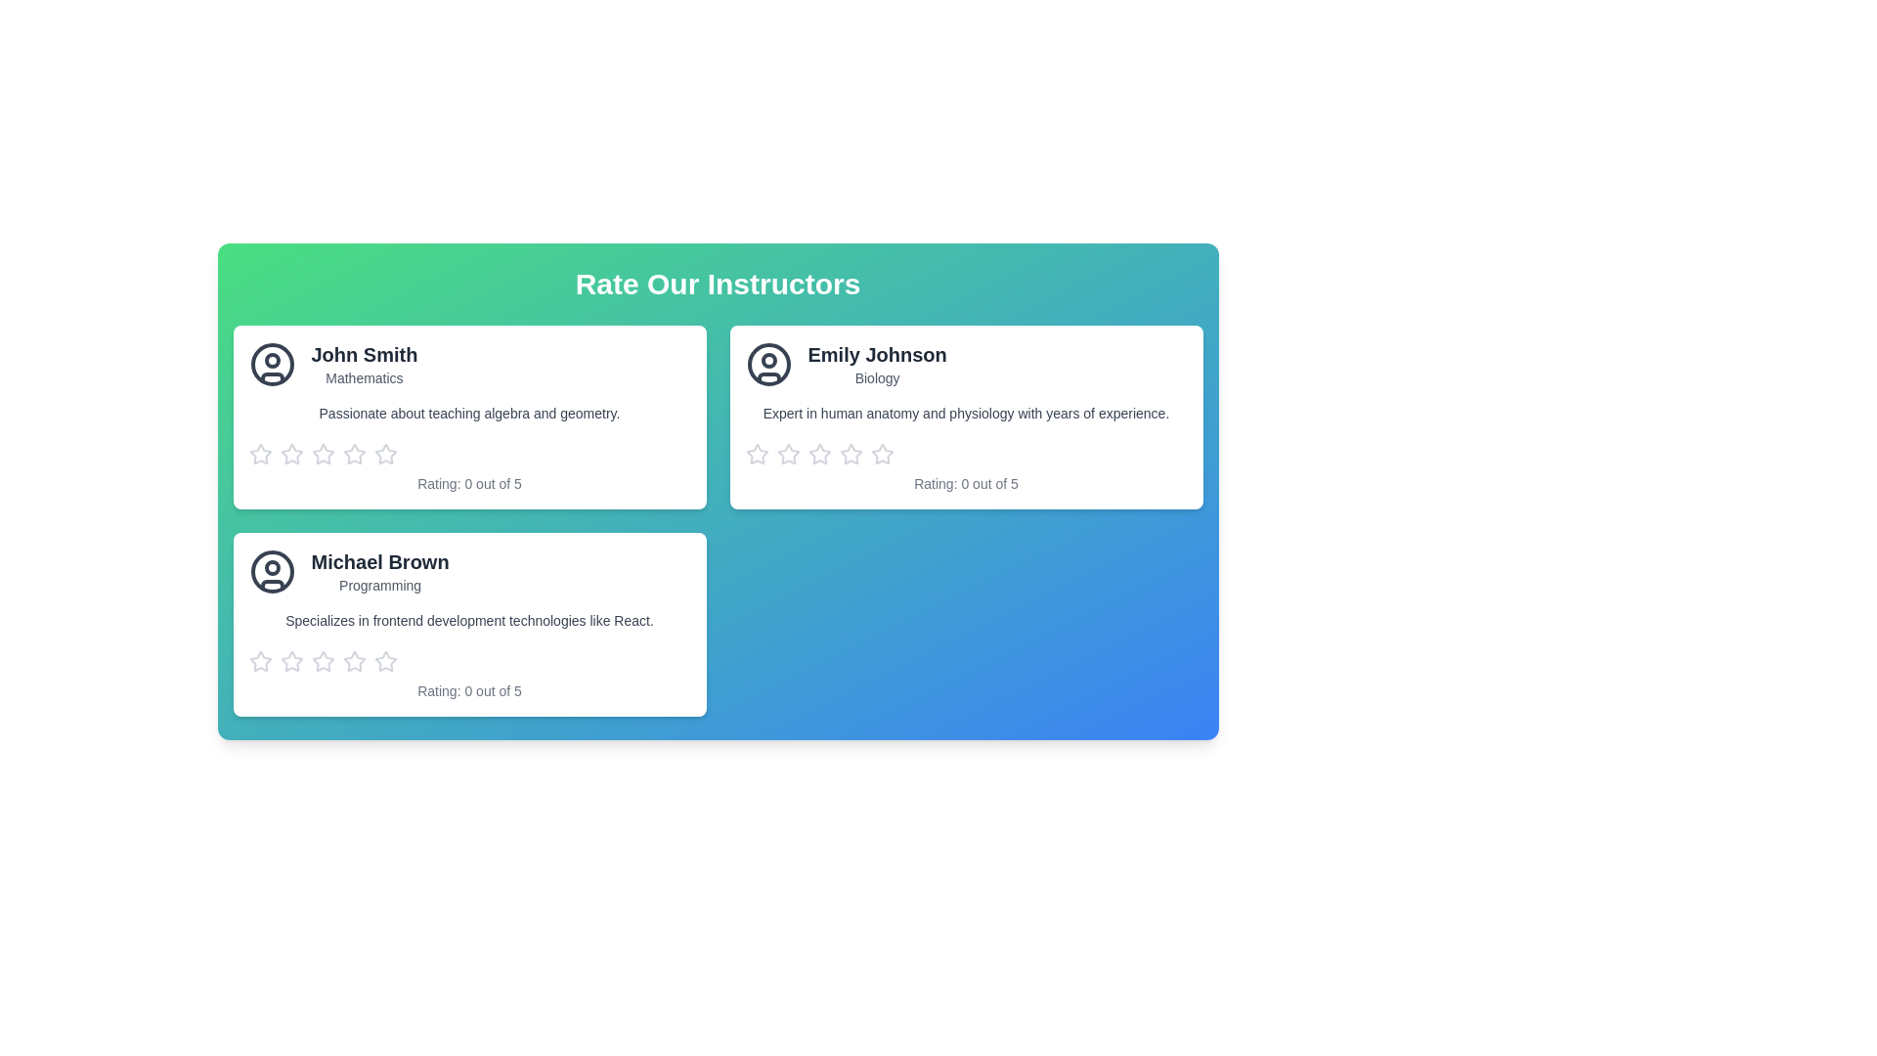 The image size is (1877, 1056). Describe the element at coordinates (353, 660) in the screenshot. I see `the second star icon in the rating bar` at that location.